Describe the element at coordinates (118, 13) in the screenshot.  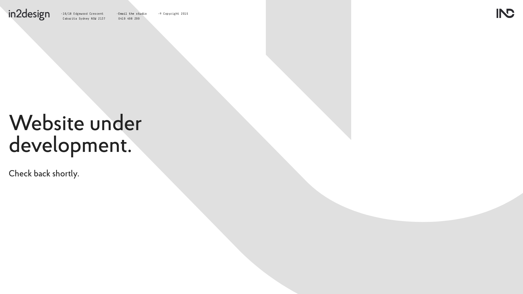
I see `'Email the studio'` at that location.